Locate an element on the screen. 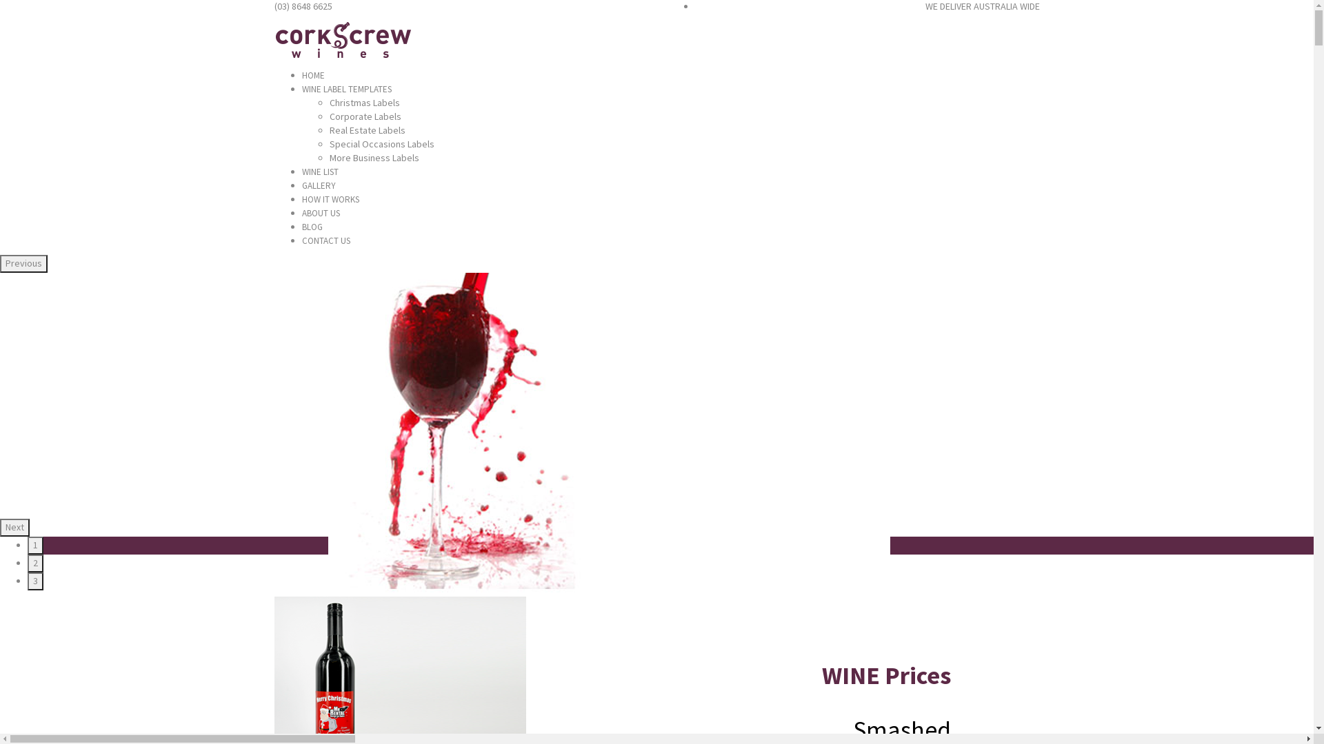  'Christmas Labels' is located at coordinates (364, 102).